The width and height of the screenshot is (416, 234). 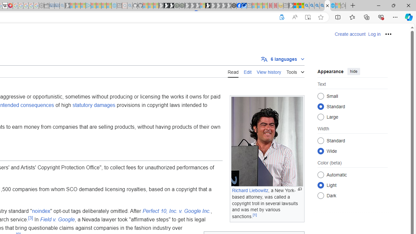 I want to click on 'Log in', so click(x=374, y=34).